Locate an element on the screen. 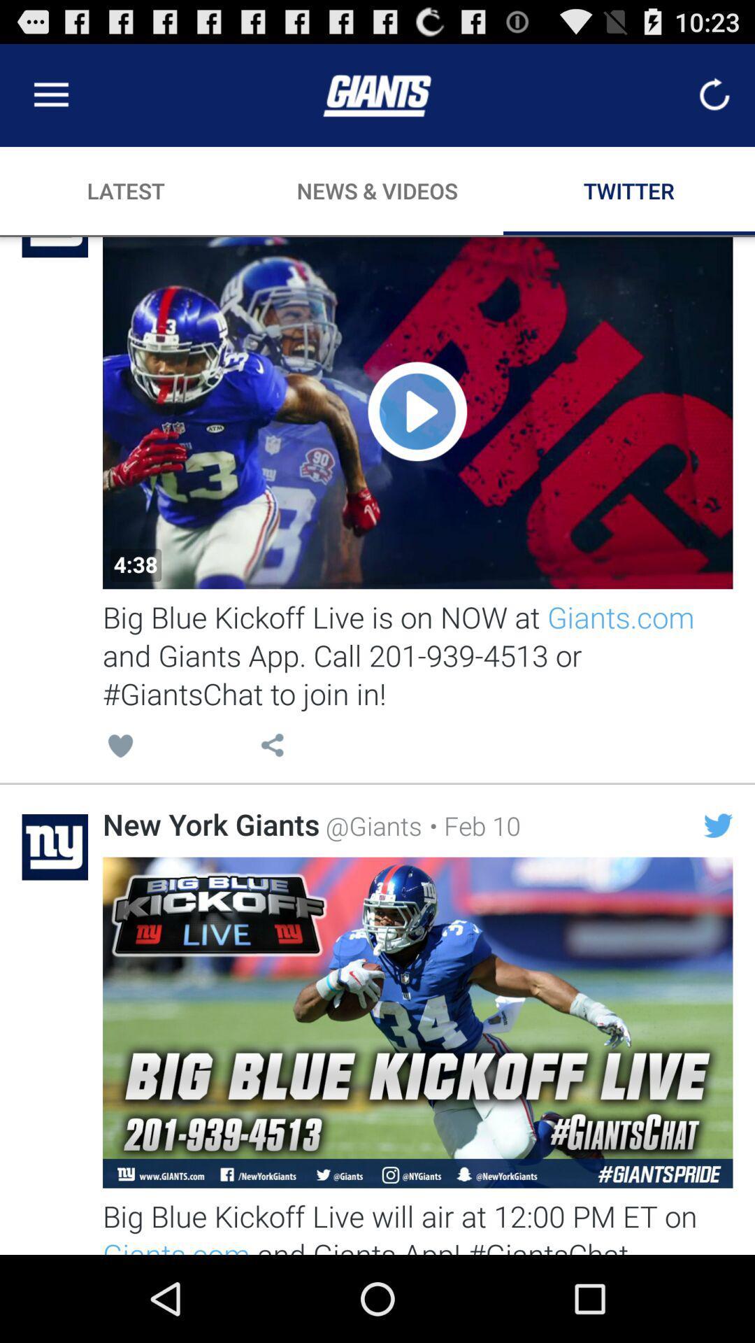 This screenshot has height=1343, width=755. video is located at coordinates (417, 412).